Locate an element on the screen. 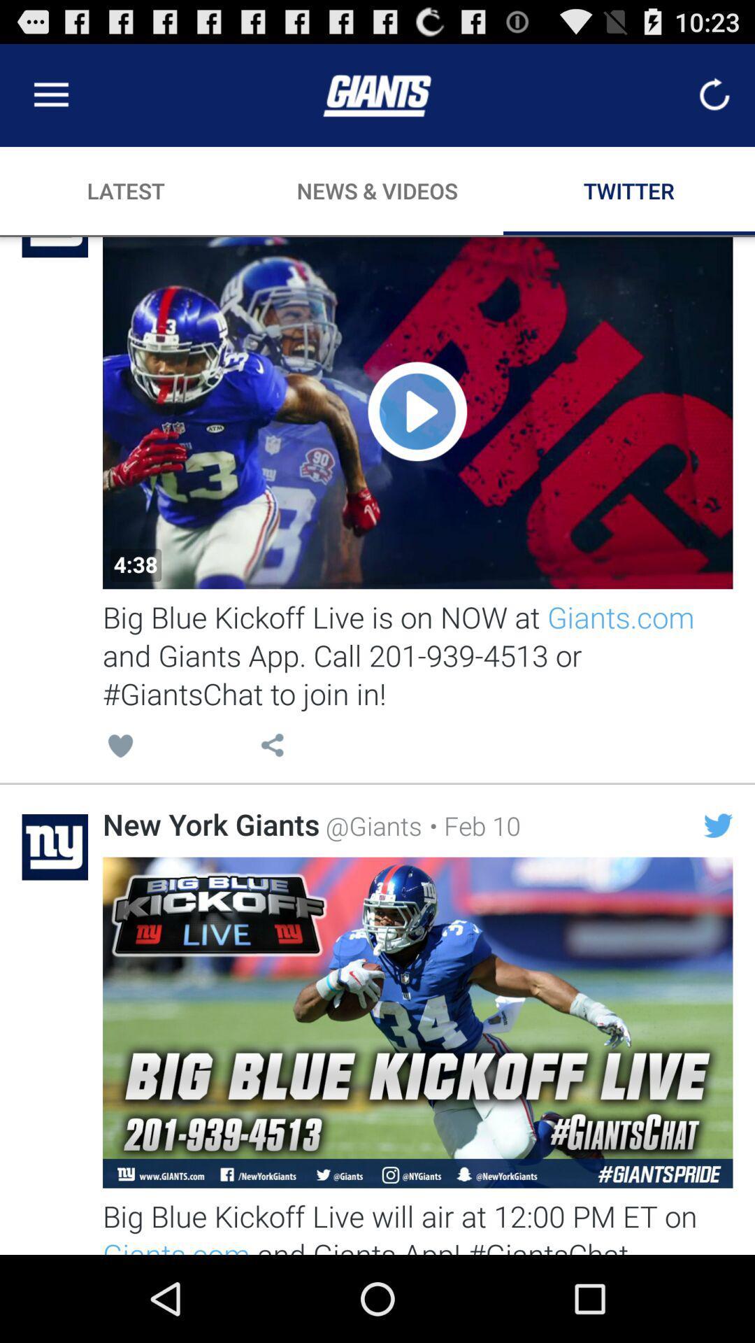 This screenshot has height=1343, width=755. video is located at coordinates (417, 412).